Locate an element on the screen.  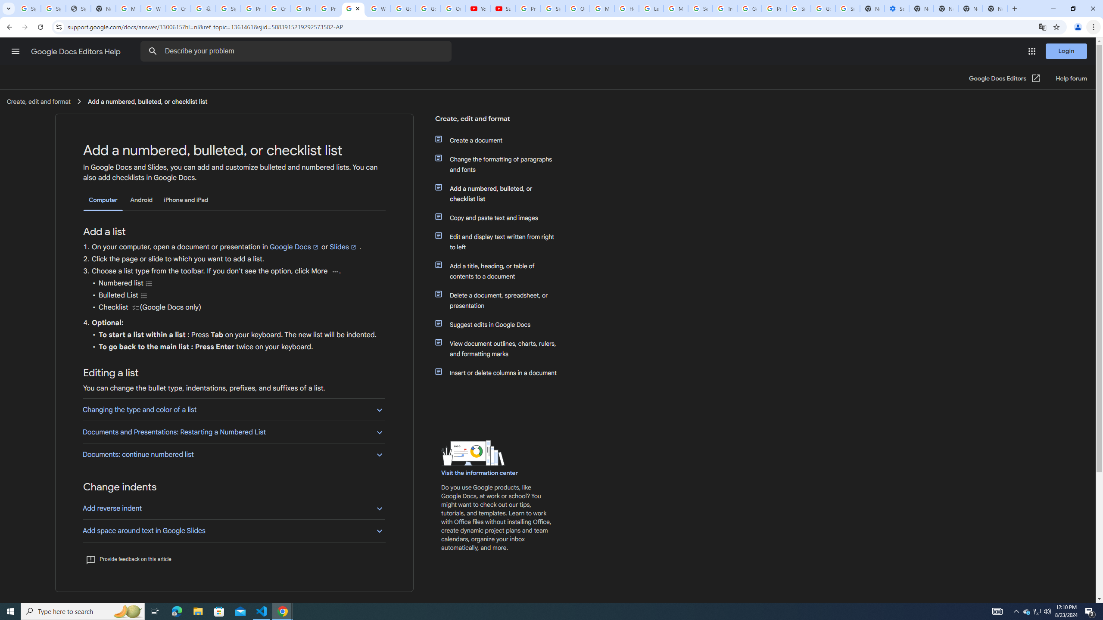
'Documents: continue numbered list' is located at coordinates (234, 454).